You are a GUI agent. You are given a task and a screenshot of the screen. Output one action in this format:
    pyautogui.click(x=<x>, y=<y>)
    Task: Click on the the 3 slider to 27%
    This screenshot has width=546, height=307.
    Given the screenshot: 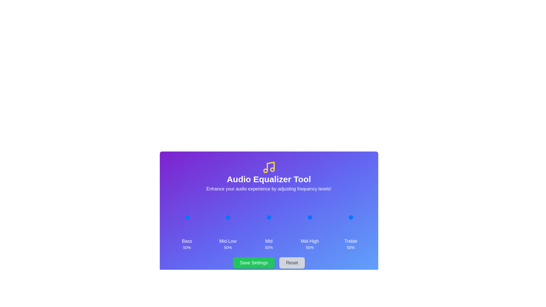 What is the action you would take?
    pyautogui.click(x=305, y=217)
    